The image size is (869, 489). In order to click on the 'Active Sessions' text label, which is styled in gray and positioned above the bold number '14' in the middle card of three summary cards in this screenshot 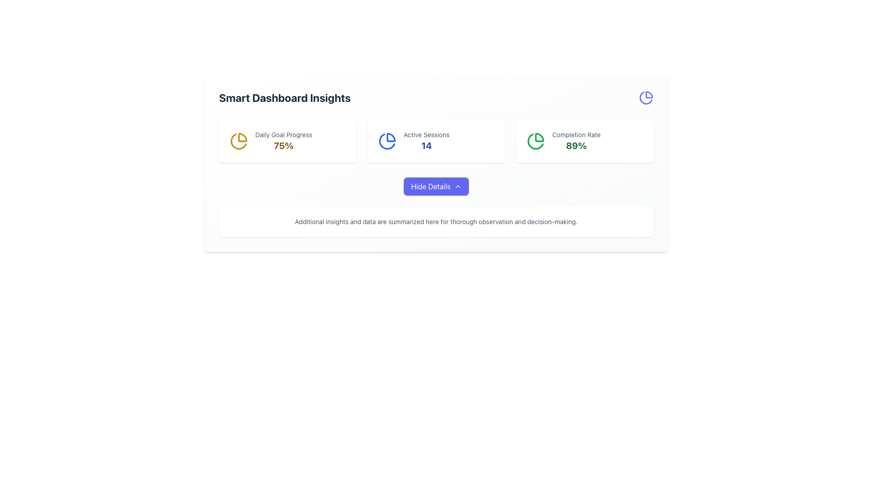, I will do `click(426, 134)`.